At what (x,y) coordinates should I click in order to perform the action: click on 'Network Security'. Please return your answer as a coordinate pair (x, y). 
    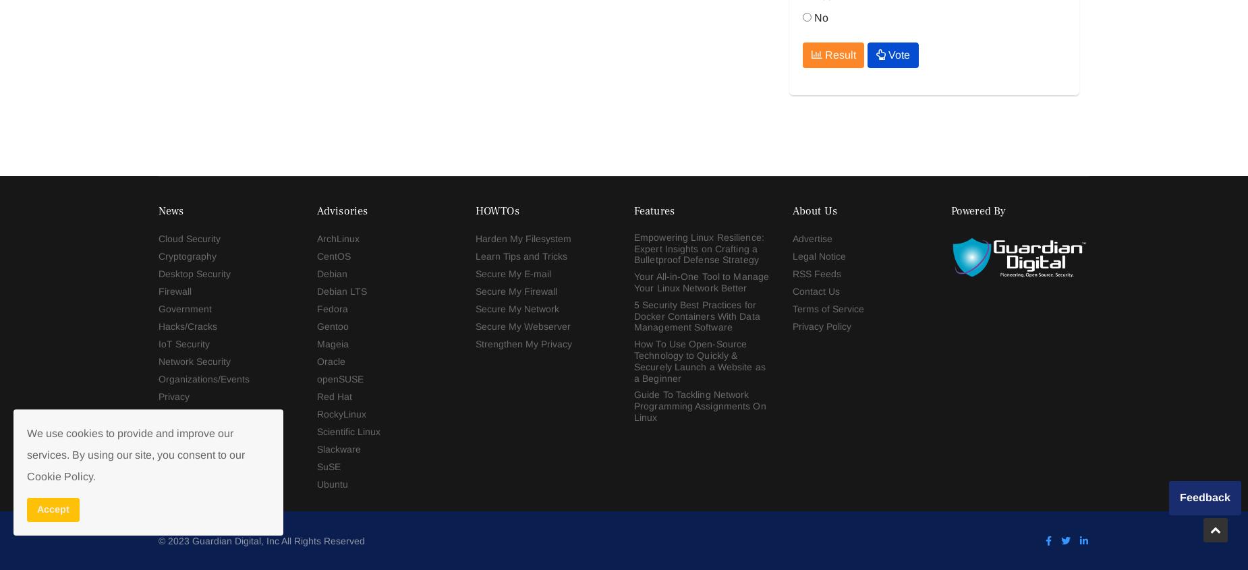
    Looking at the image, I should click on (157, 20).